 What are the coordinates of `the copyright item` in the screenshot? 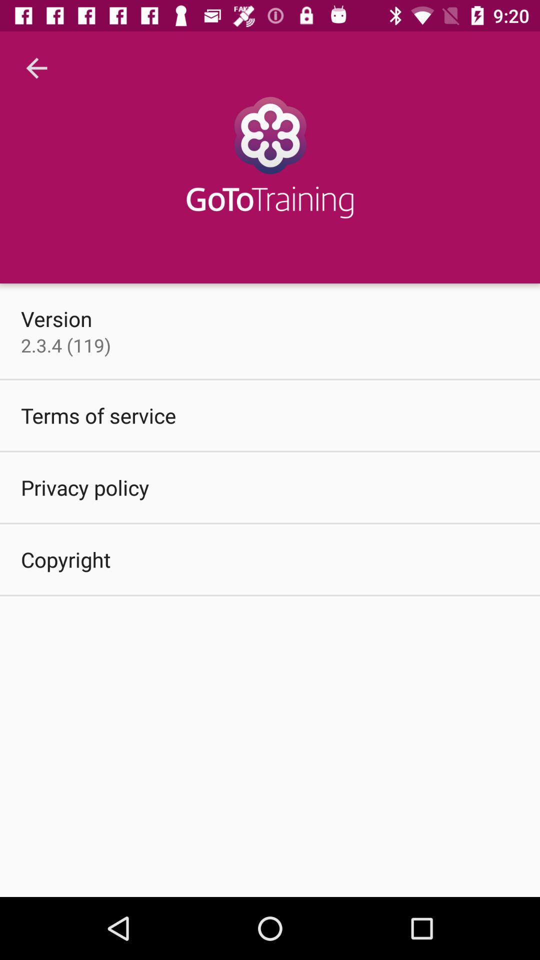 It's located at (65, 558).